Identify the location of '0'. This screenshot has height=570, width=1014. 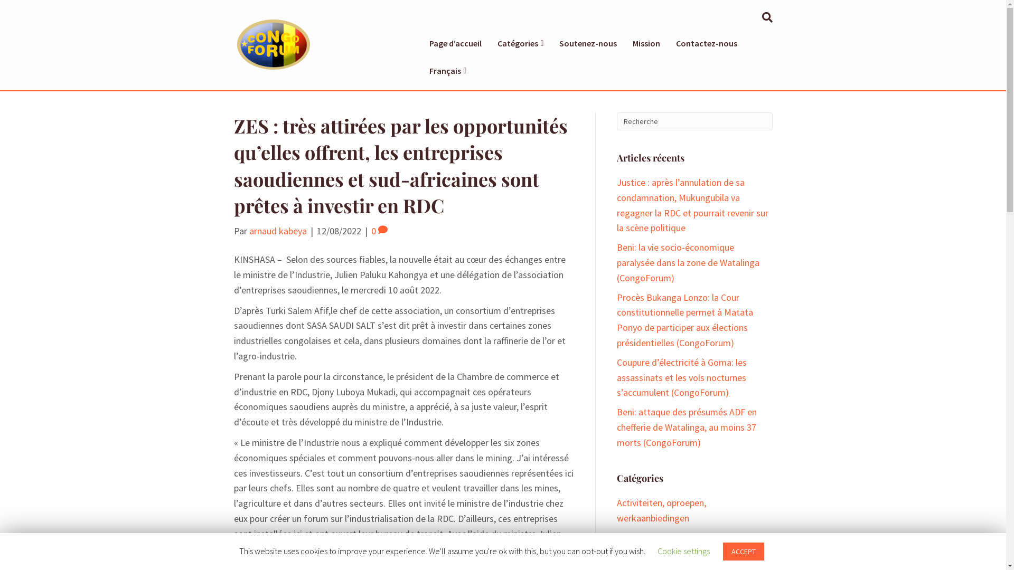
(379, 230).